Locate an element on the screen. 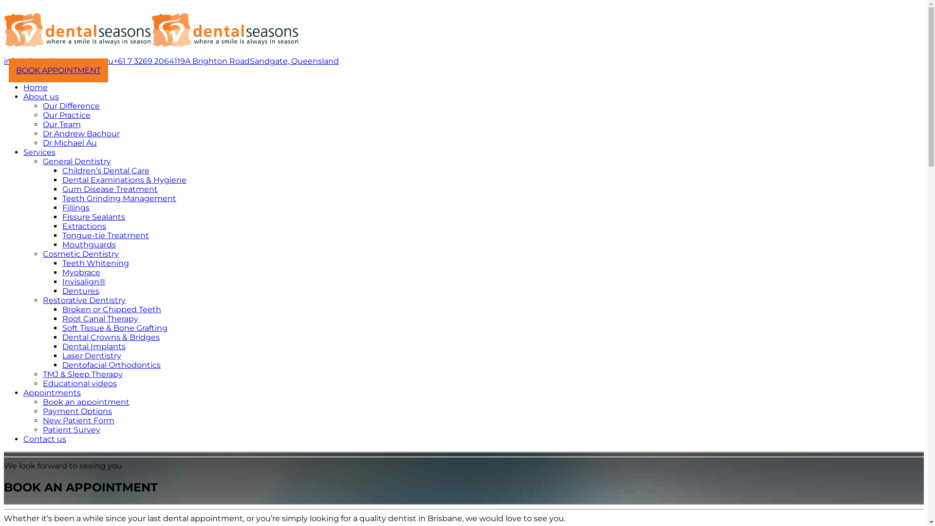 The height and width of the screenshot is (526, 935). 'Tongue-tie Treatment' is located at coordinates (62, 235).